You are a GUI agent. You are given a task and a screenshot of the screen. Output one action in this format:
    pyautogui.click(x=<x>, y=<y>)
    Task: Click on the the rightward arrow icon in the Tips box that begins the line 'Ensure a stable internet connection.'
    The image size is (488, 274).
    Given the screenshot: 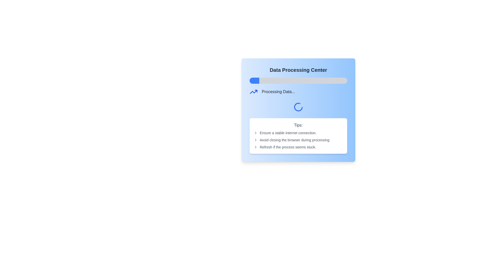 What is the action you would take?
    pyautogui.click(x=256, y=133)
    